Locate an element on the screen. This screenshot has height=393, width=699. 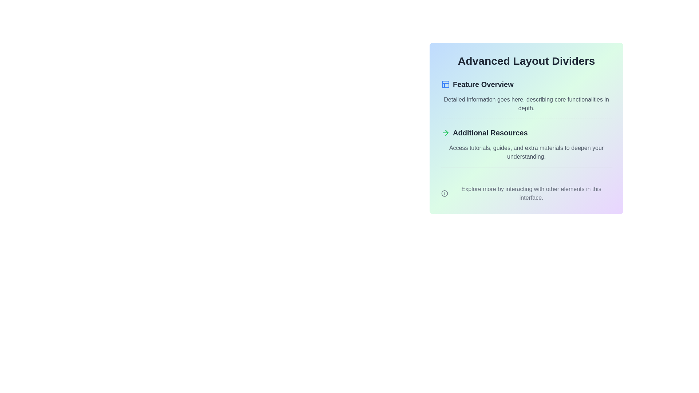
the text block that displays detailed information styled in light gray font, located below the 'Feature Overview' heading and above a dashed horizontal line is located at coordinates (526, 104).